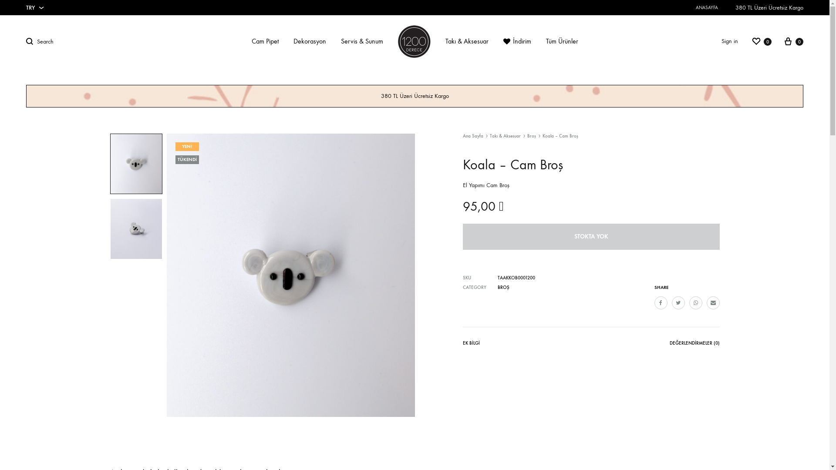 This screenshot has height=470, width=836. Describe the element at coordinates (729, 41) in the screenshot. I see `'Sign in'` at that location.